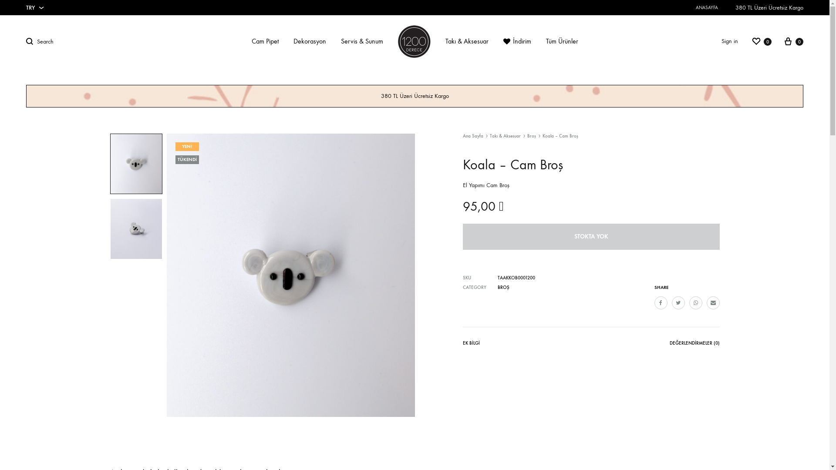 This screenshot has height=470, width=836. Describe the element at coordinates (729, 41) in the screenshot. I see `'Sign in'` at that location.